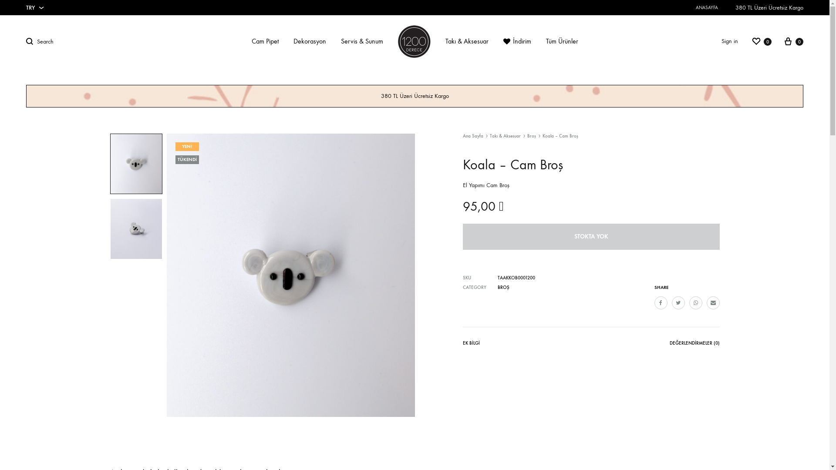 This screenshot has height=470, width=836. Describe the element at coordinates (729, 41) in the screenshot. I see `'Sign in'` at that location.